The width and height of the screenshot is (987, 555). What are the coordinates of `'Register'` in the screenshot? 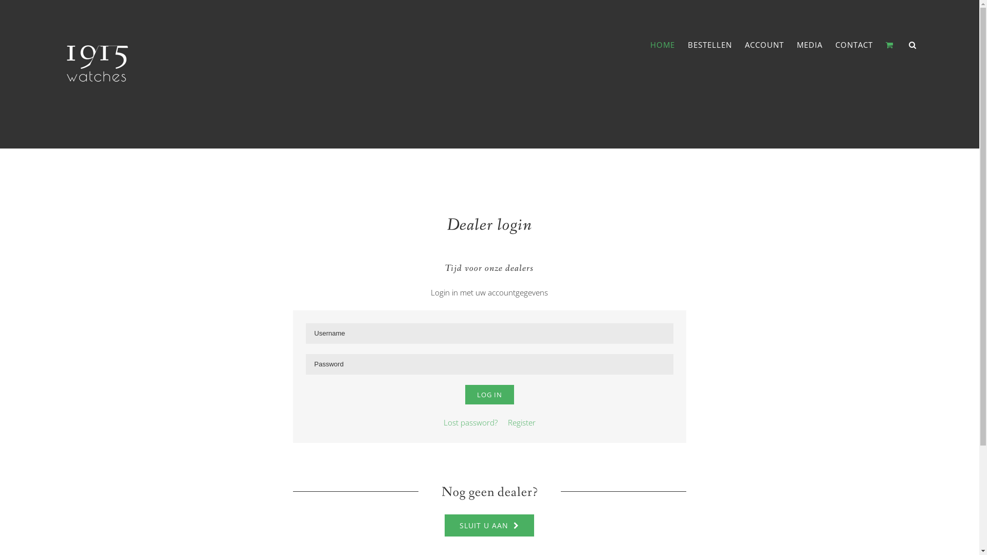 It's located at (503, 422).